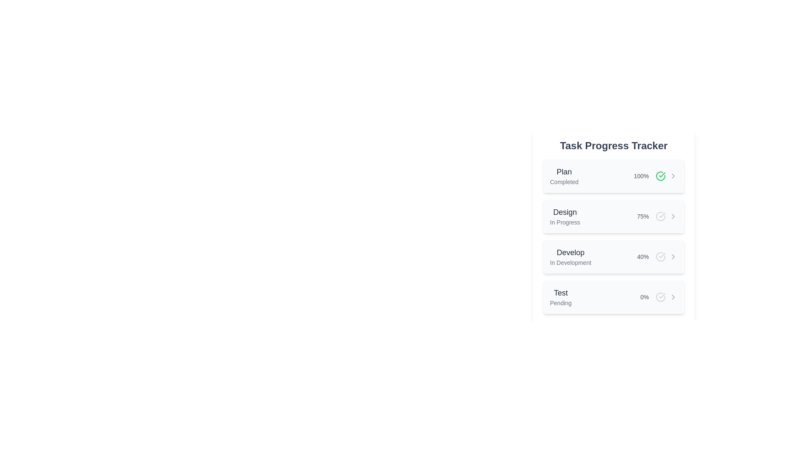  I want to click on the chevron icon located to the right of the '100%' text and green checkmark, indicating navigation or progression, so click(672, 176).